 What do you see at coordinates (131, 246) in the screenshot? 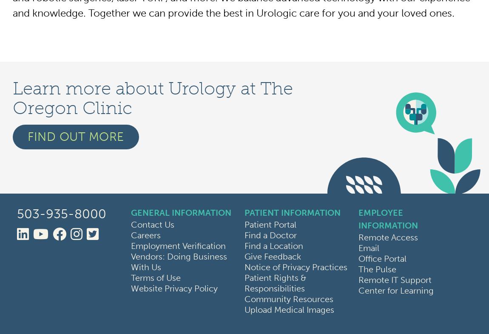
I see `'Employment Verification'` at bounding box center [131, 246].